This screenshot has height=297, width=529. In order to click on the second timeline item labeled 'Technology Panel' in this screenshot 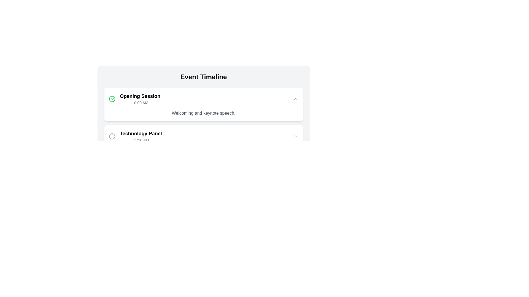, I will do `click(203, 136)`.